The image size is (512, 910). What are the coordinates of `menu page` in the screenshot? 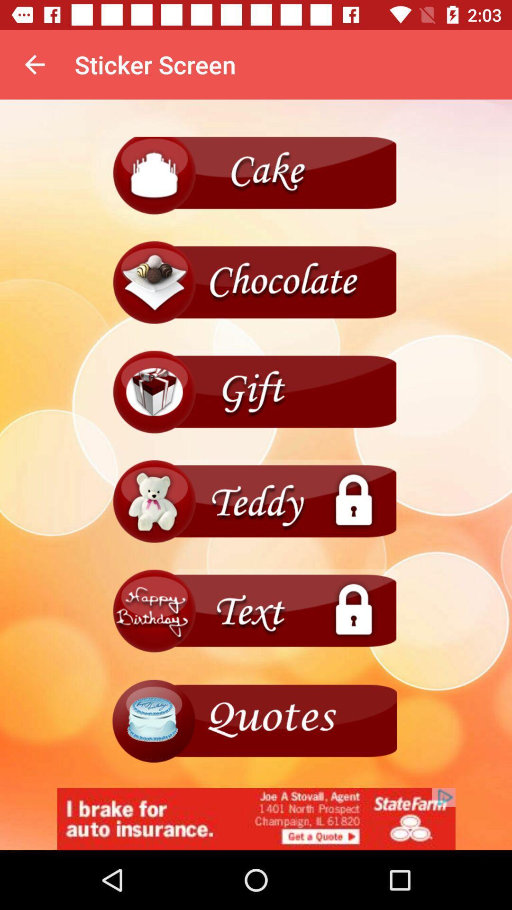 It's located at (256, 720).